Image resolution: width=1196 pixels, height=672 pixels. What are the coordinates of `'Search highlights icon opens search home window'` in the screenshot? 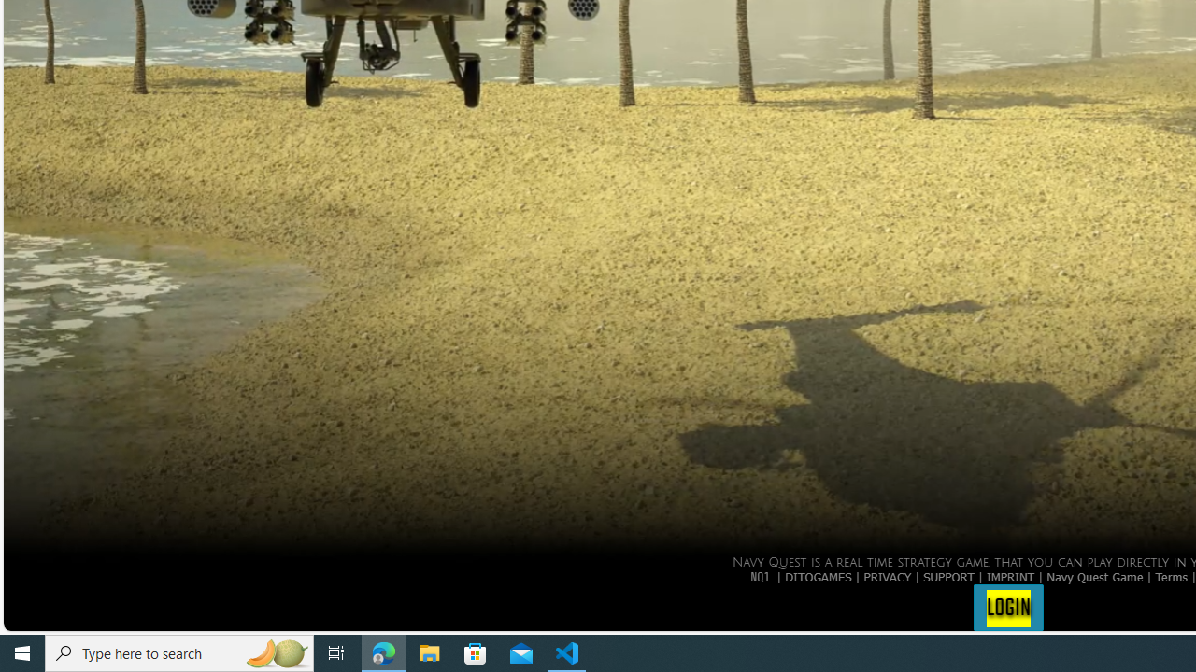 It's located at (275, 651).